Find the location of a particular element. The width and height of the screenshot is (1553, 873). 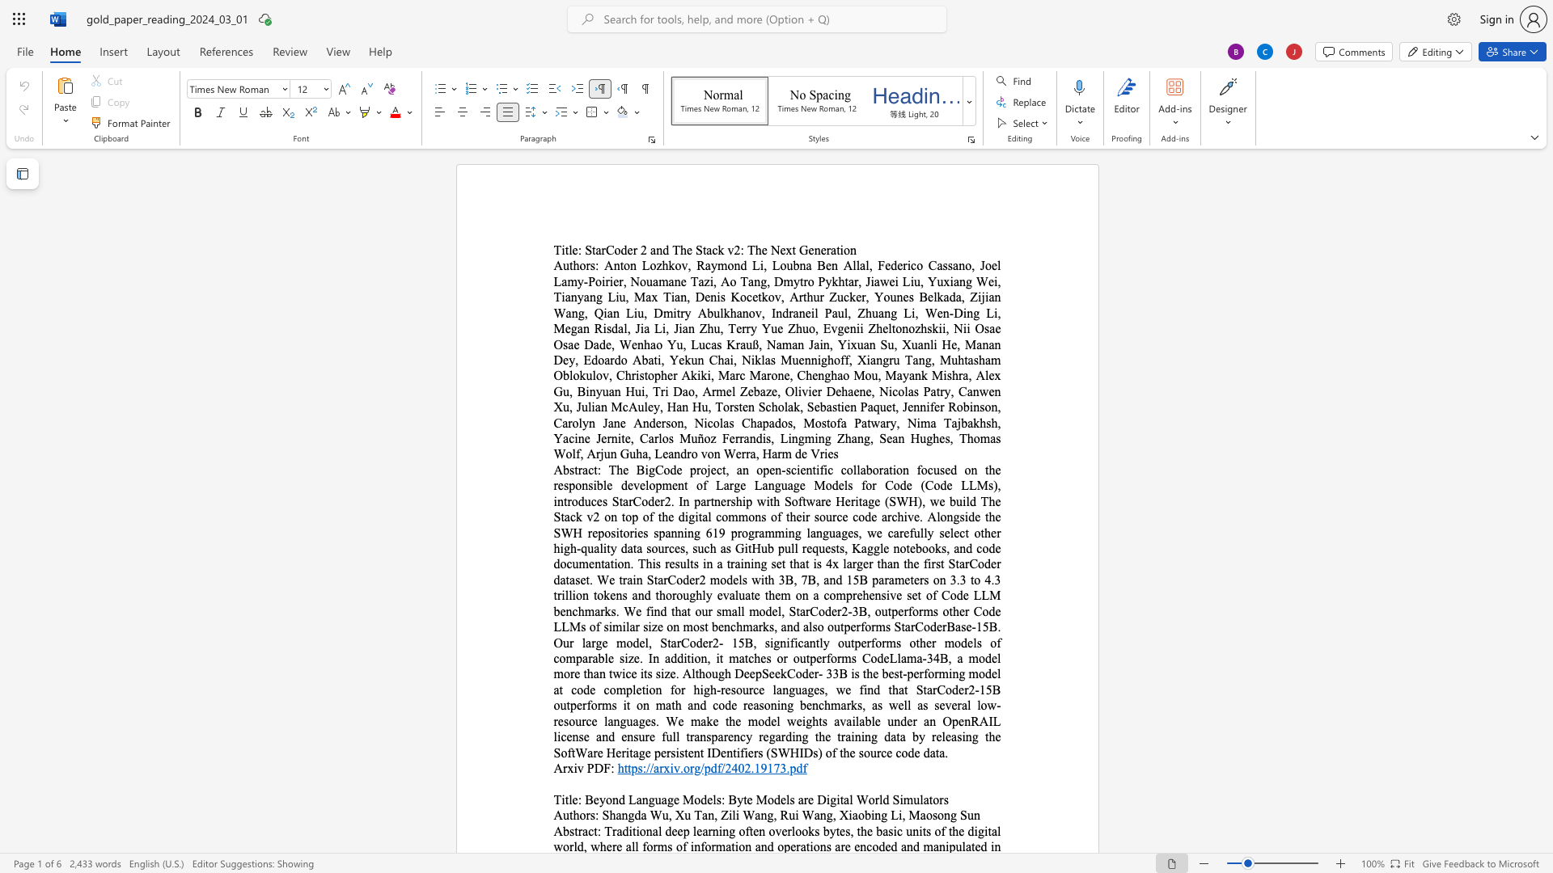

the 1th character "u" in the text is located at coordinates (658, 799).